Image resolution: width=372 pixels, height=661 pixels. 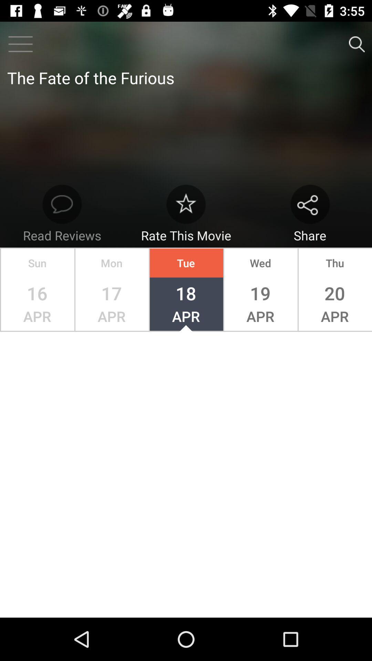 I want to click on the menu icon, so click(x=20, y=44).